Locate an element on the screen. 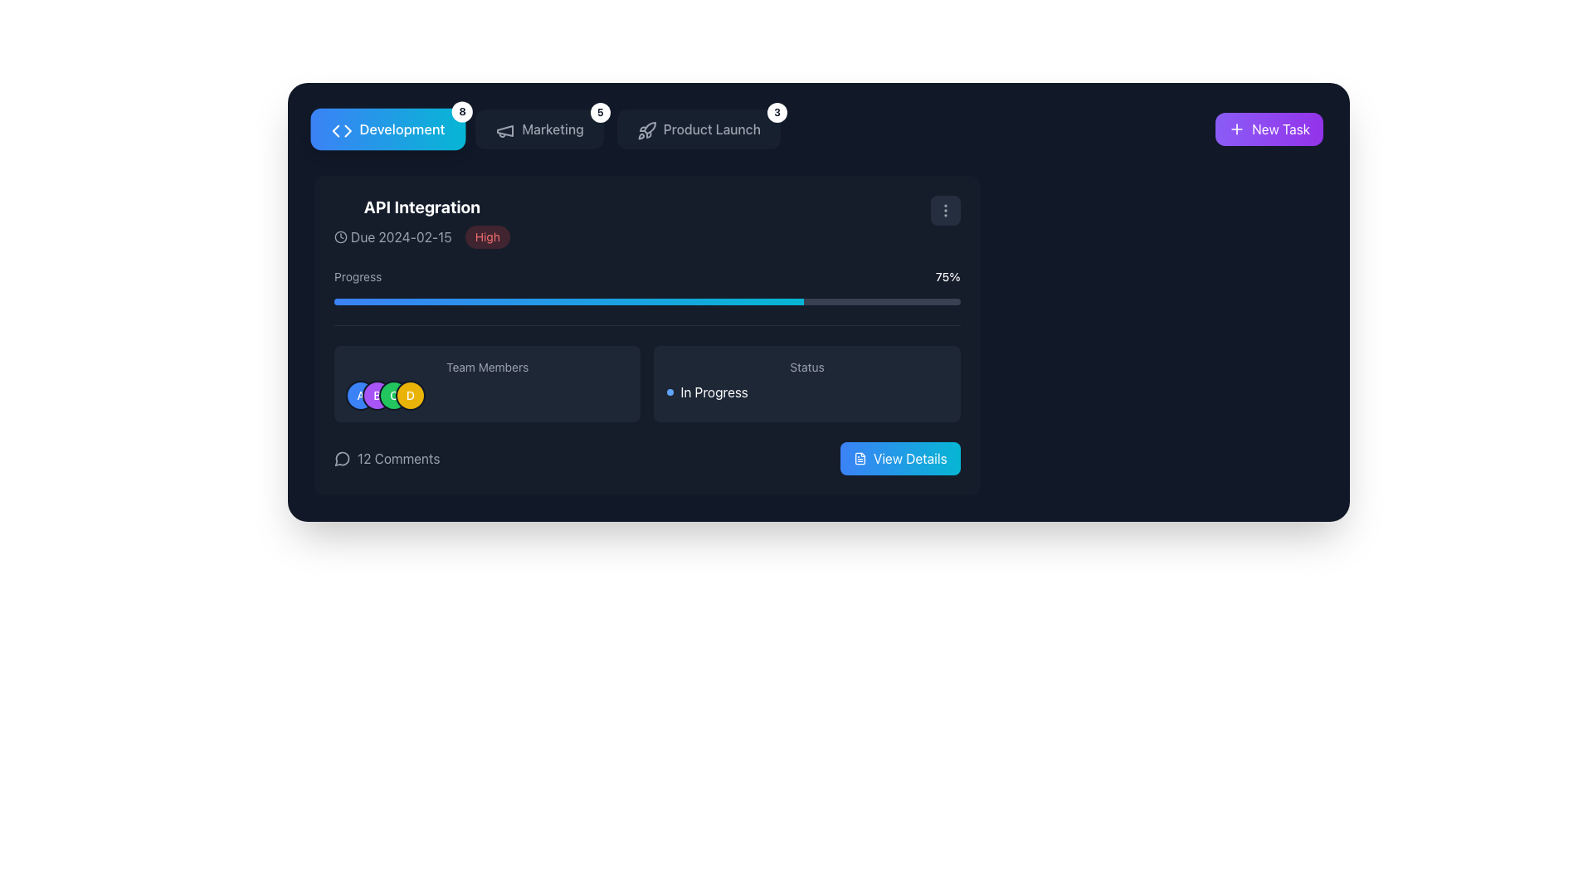 This screenshot has width=1593, height=896. the vertical ellipsis icon located at the top-right corner of the task details card is located at coordinates (945, 210).